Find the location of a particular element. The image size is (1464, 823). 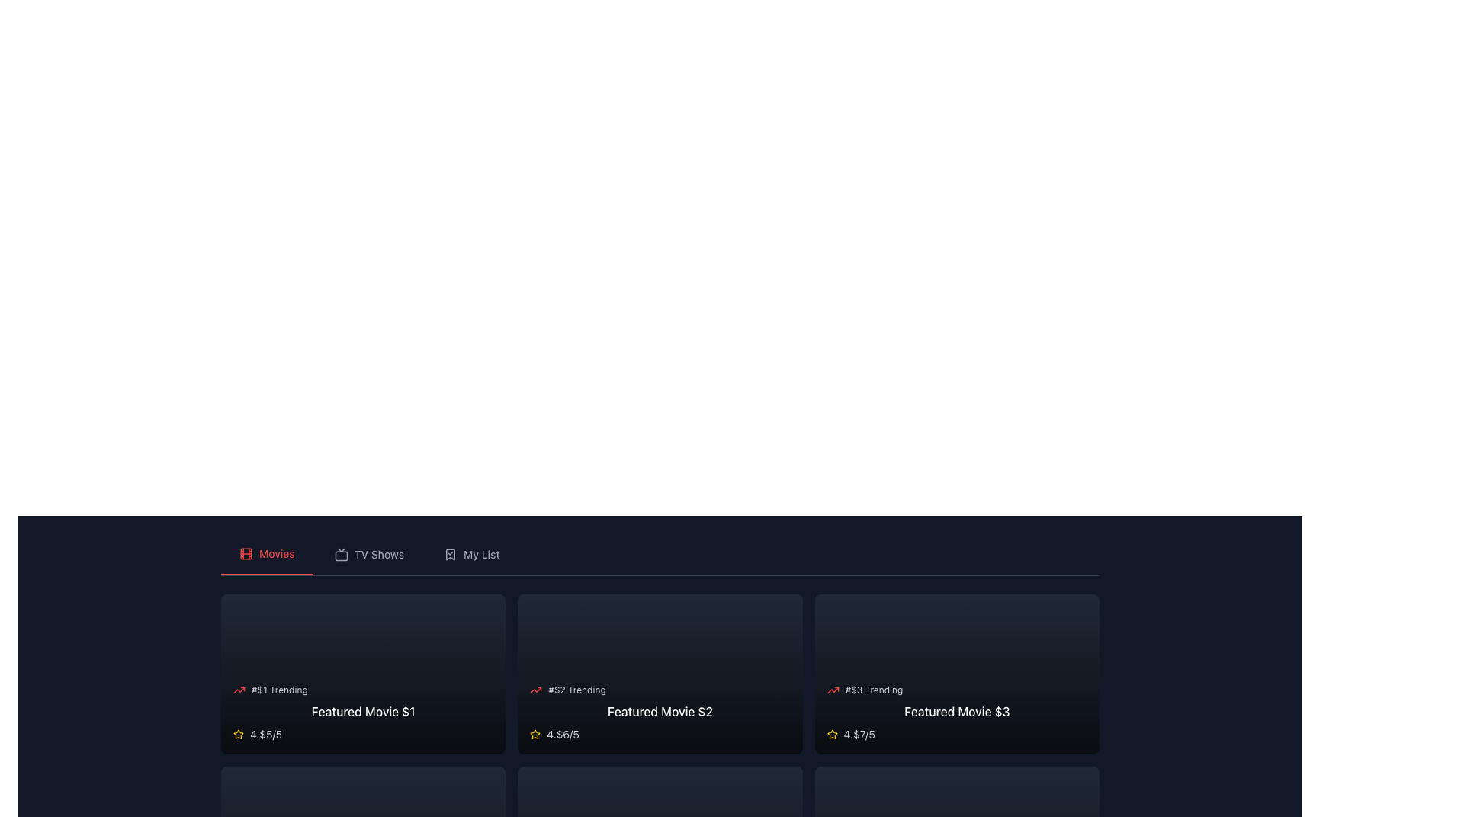

the 'Movies' option in the Navigation menu is located at coordinates (660, 555).